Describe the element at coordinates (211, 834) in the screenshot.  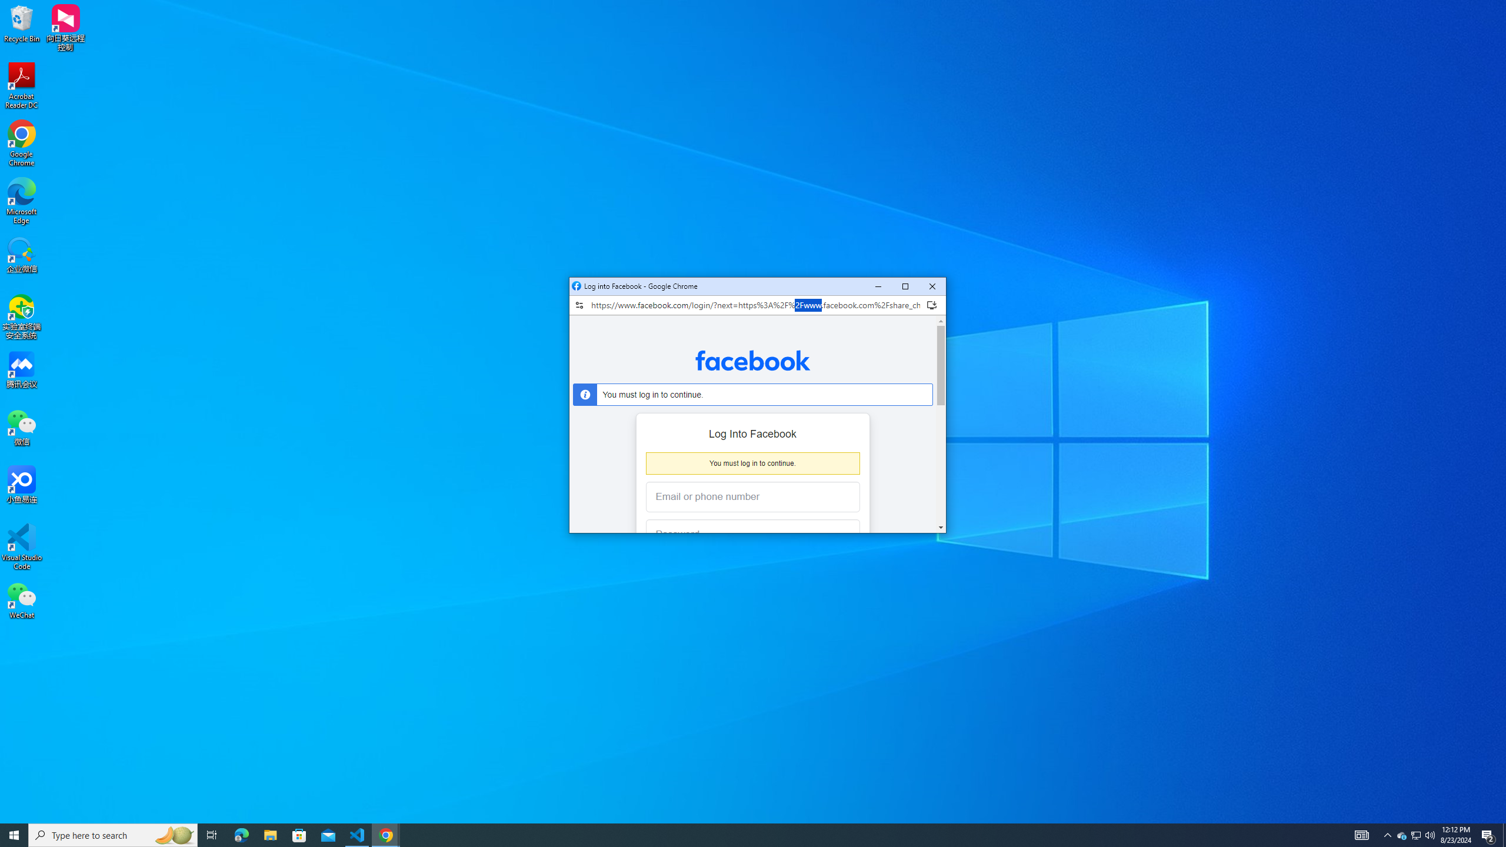
I see `'Task View'` at that location.